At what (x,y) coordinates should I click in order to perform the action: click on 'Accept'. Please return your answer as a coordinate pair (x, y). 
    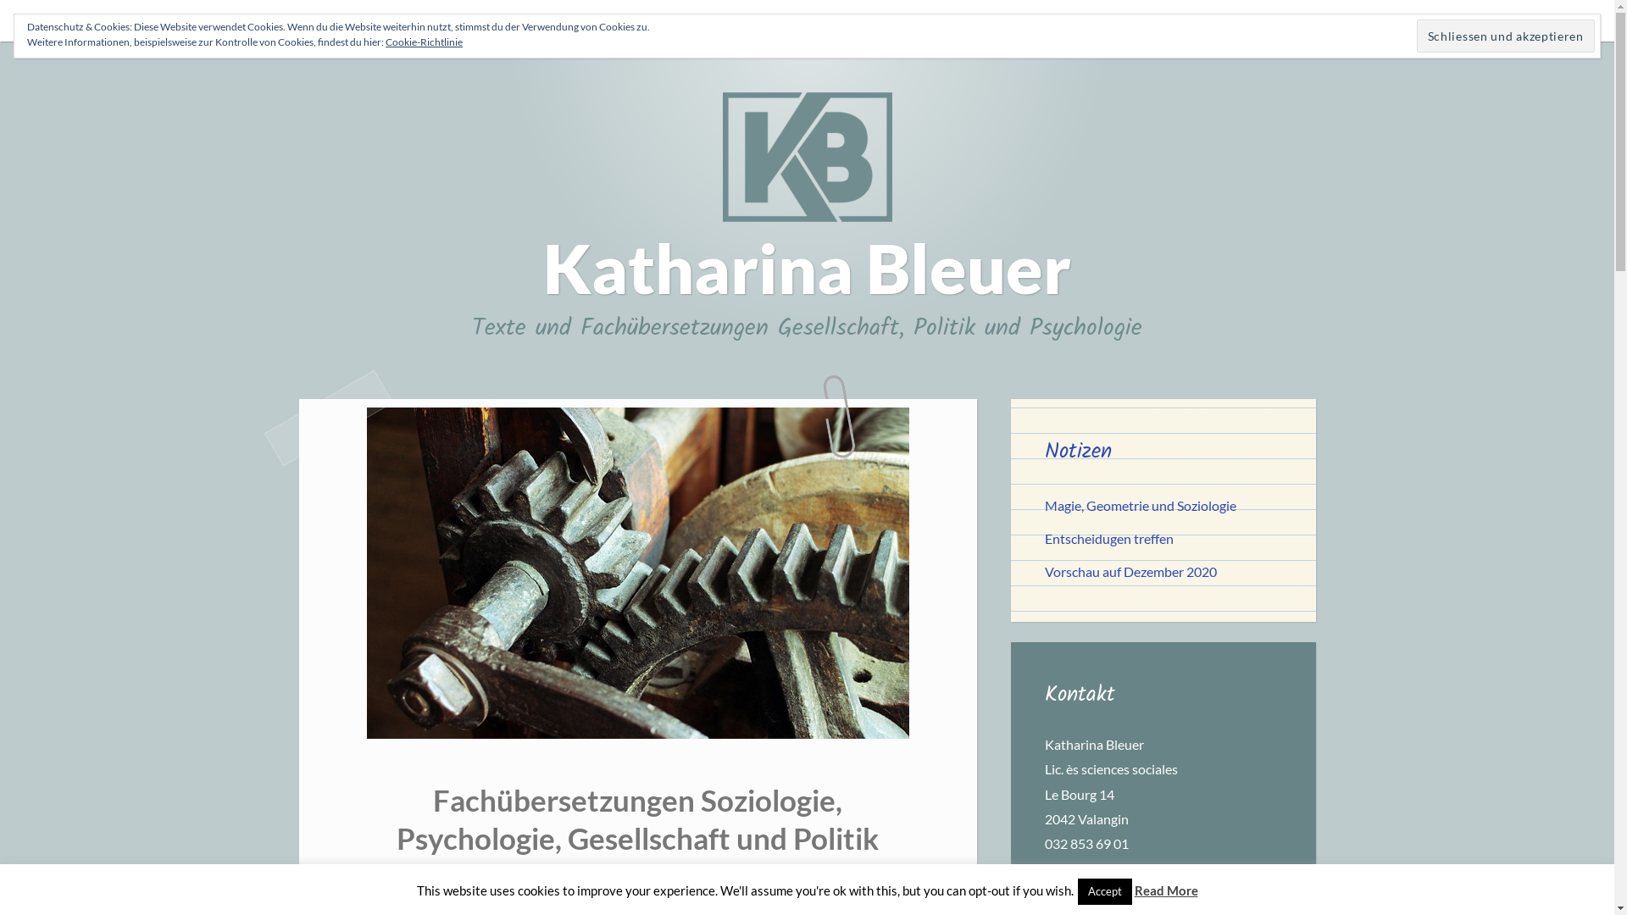
    Looking at the image, I should click on (1105, 890).